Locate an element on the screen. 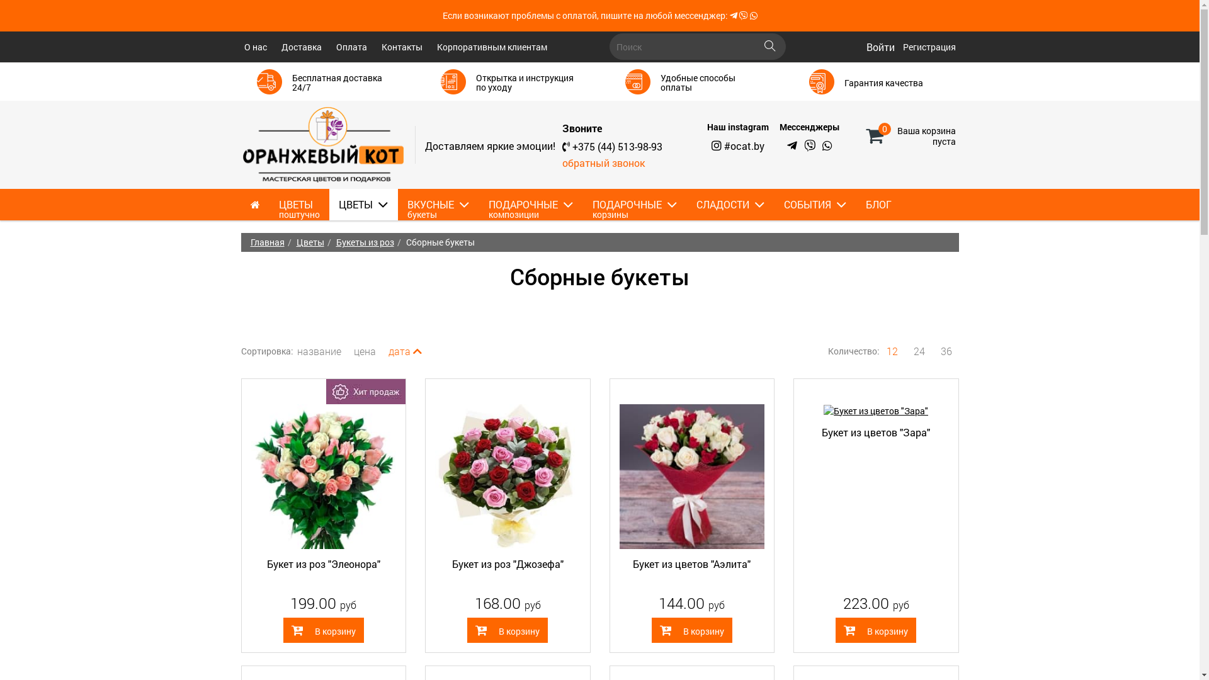 This screenshot has height=680, width=1209. '#ocat.by' is located at coordinates (744, 145).